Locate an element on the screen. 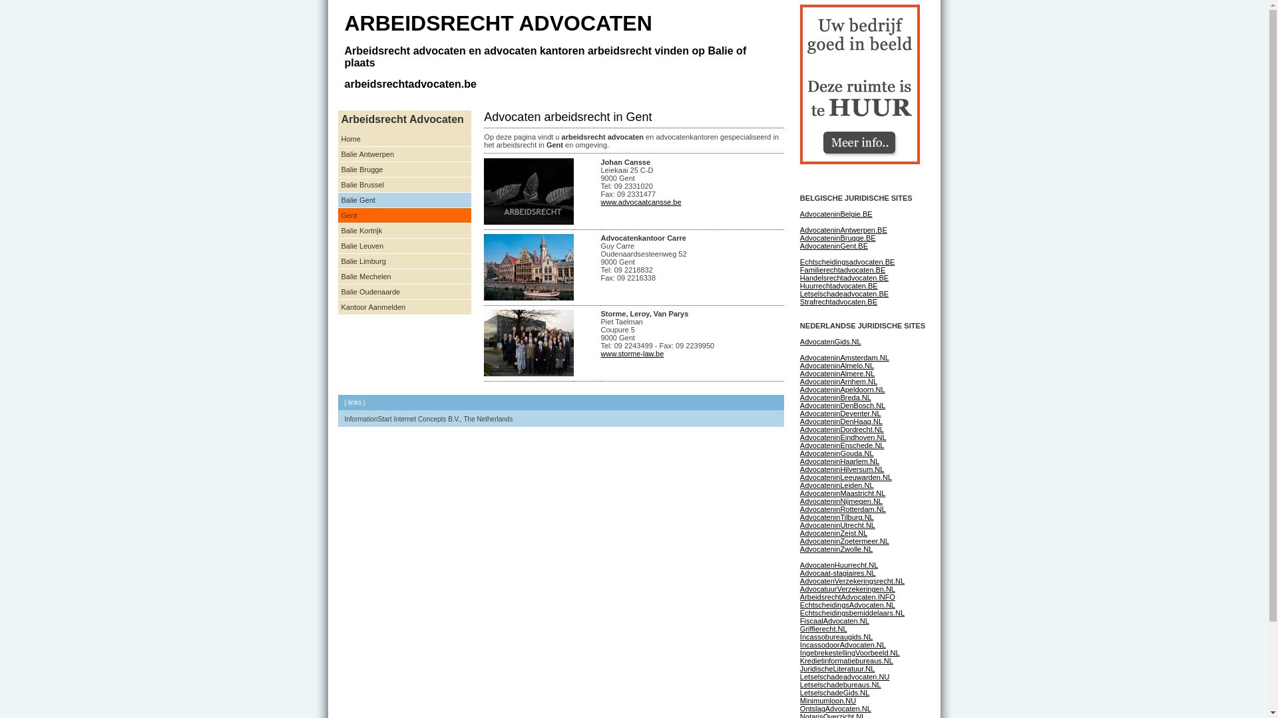  'AdvocateninArnhem.NL' is located at coordinates (837, 382).